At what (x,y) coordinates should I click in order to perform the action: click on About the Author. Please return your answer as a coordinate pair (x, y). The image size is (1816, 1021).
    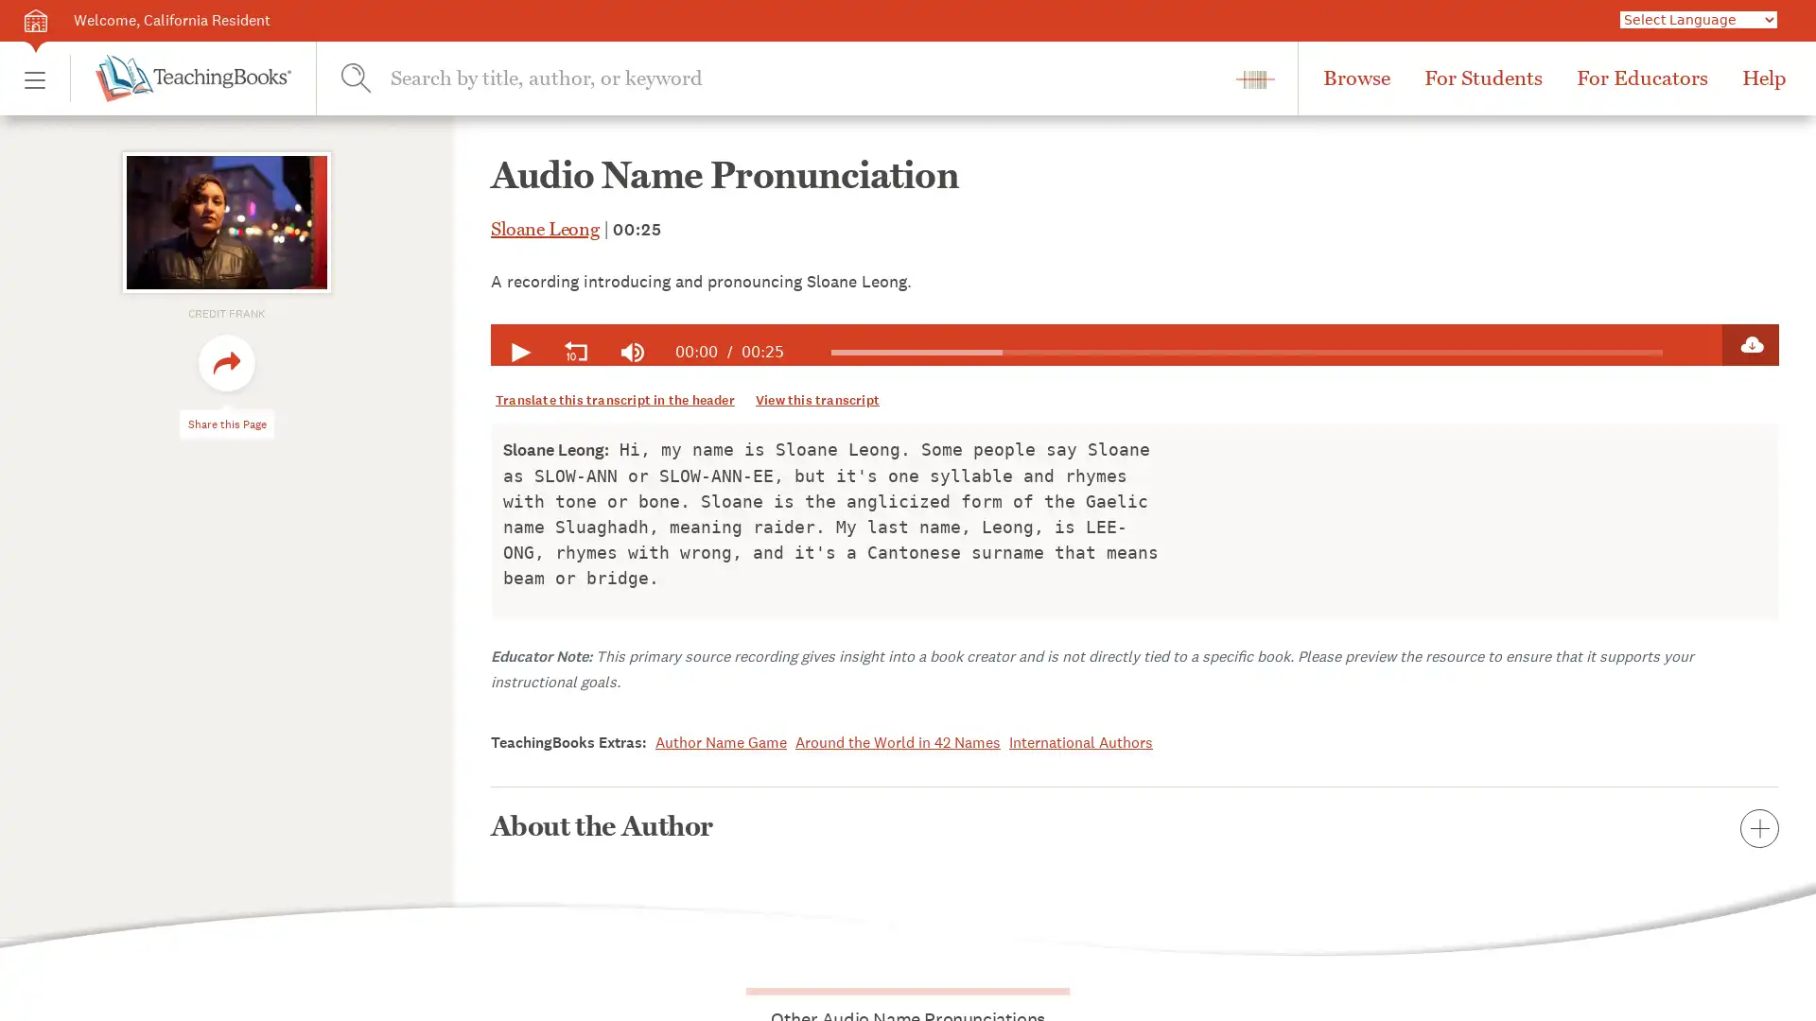
    Looking at the image, I should click on (1135, 825).